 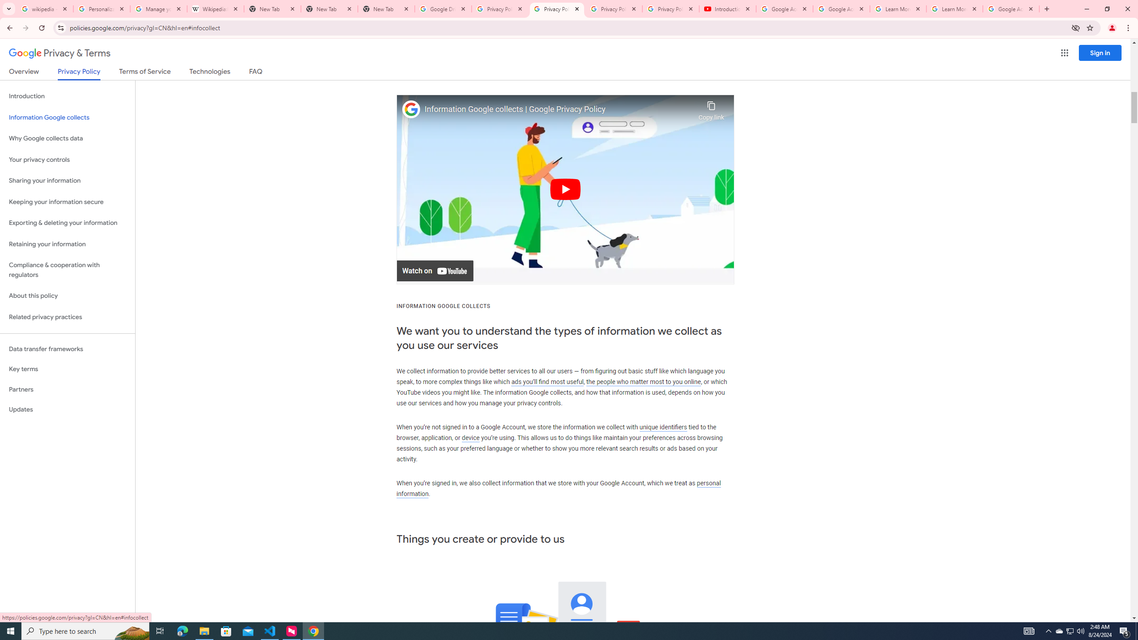 What do you see at coordinates (435, 270) in the screenshot?
I see `'Watch on YouTube'` at bounding box center [435, 270].